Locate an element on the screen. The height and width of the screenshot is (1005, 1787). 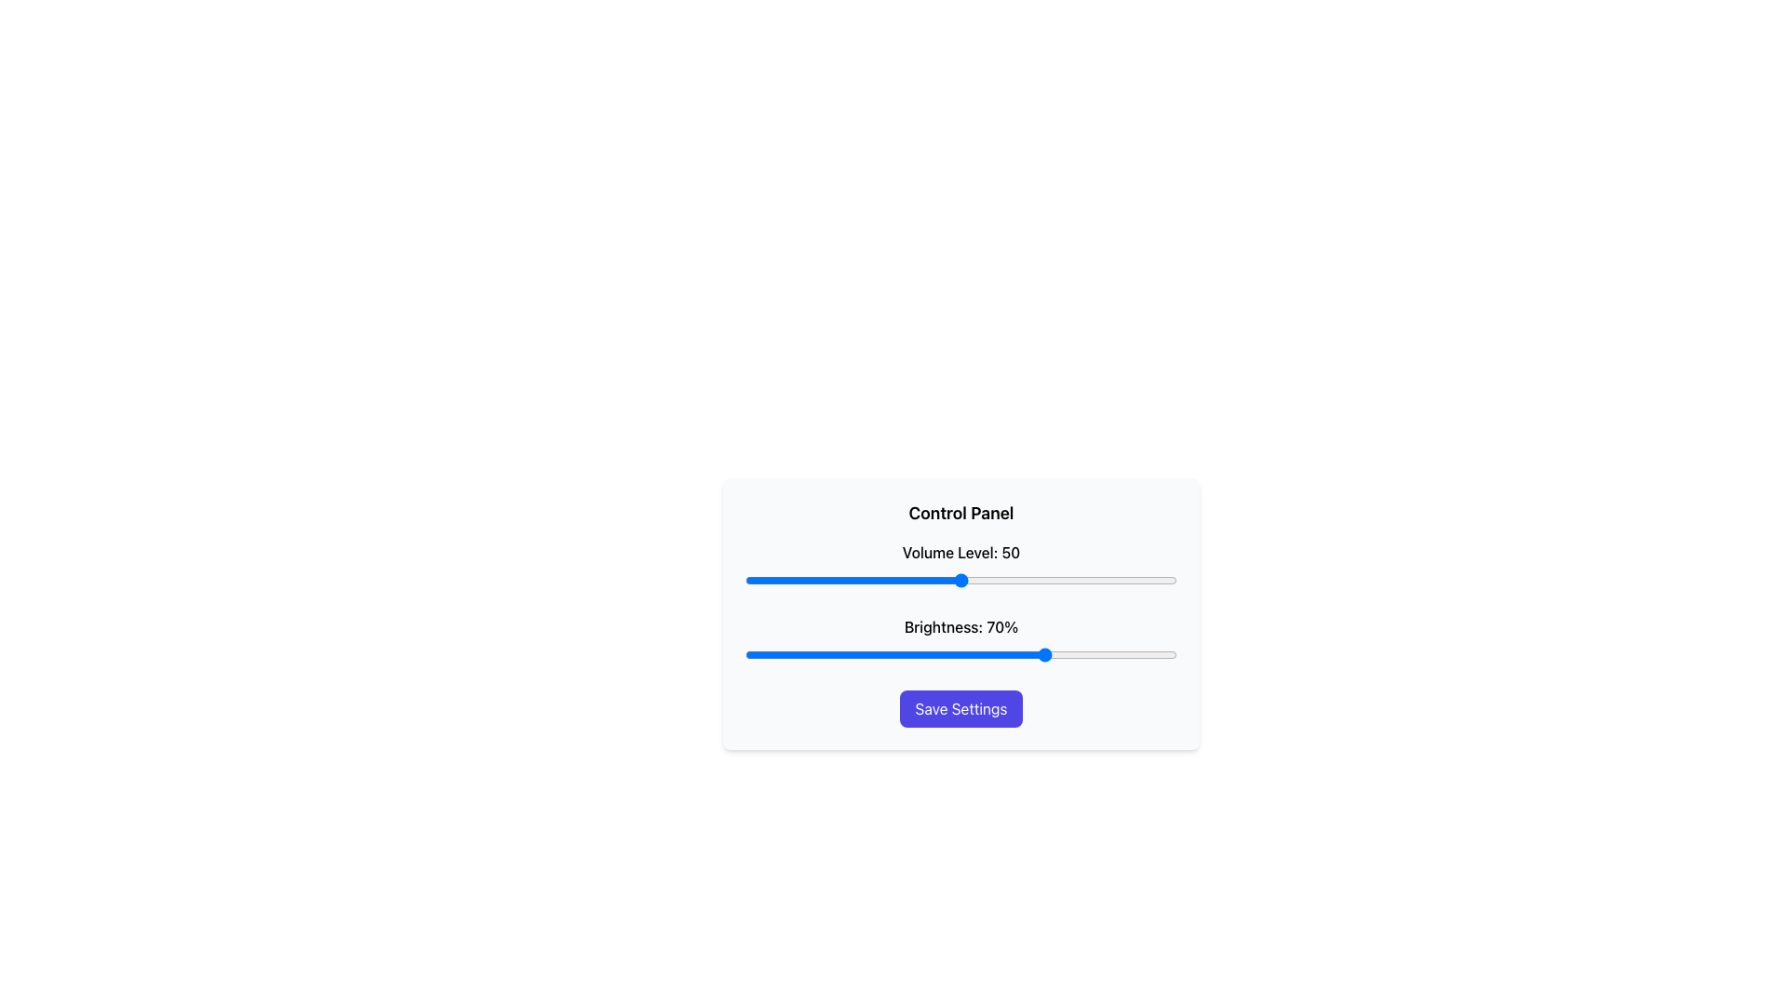
brightness is located at coordinates (1095, 654).